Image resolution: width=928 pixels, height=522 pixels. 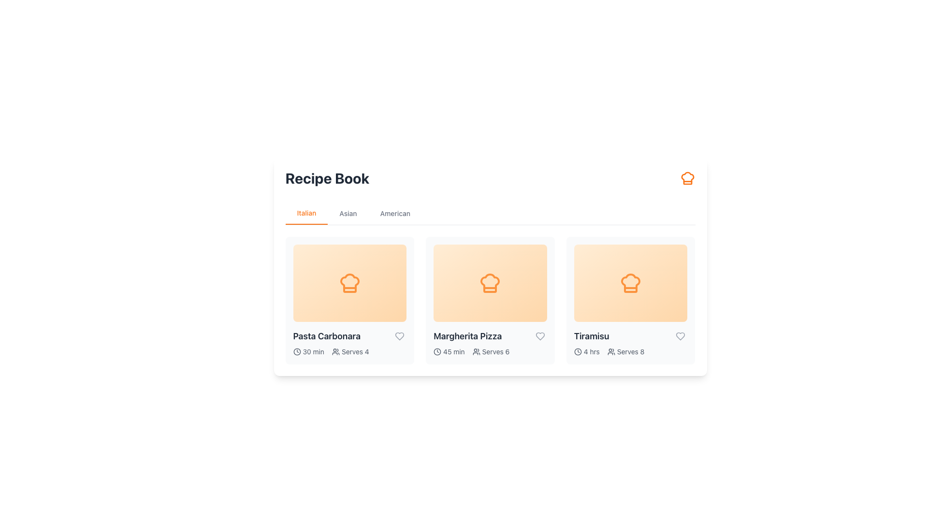 I want to click on the estimated preparation or cooking time display element, which includes a clock icon and textual label, located in the first card under the 'Italian' category in the 'Recipe Book' section, so click(x=308, y=352).